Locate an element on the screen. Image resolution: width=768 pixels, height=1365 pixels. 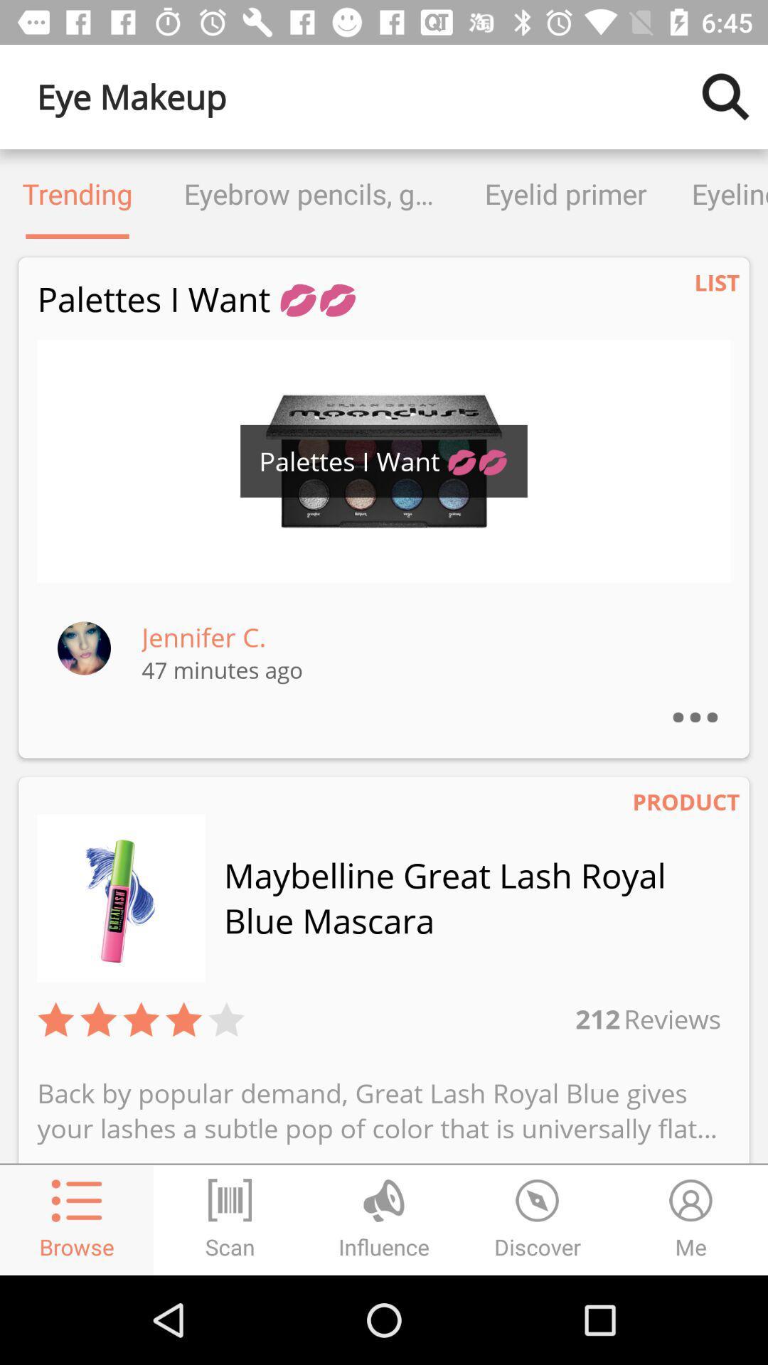
the item next to the jennifer c. is located at coordinates (84, 647).